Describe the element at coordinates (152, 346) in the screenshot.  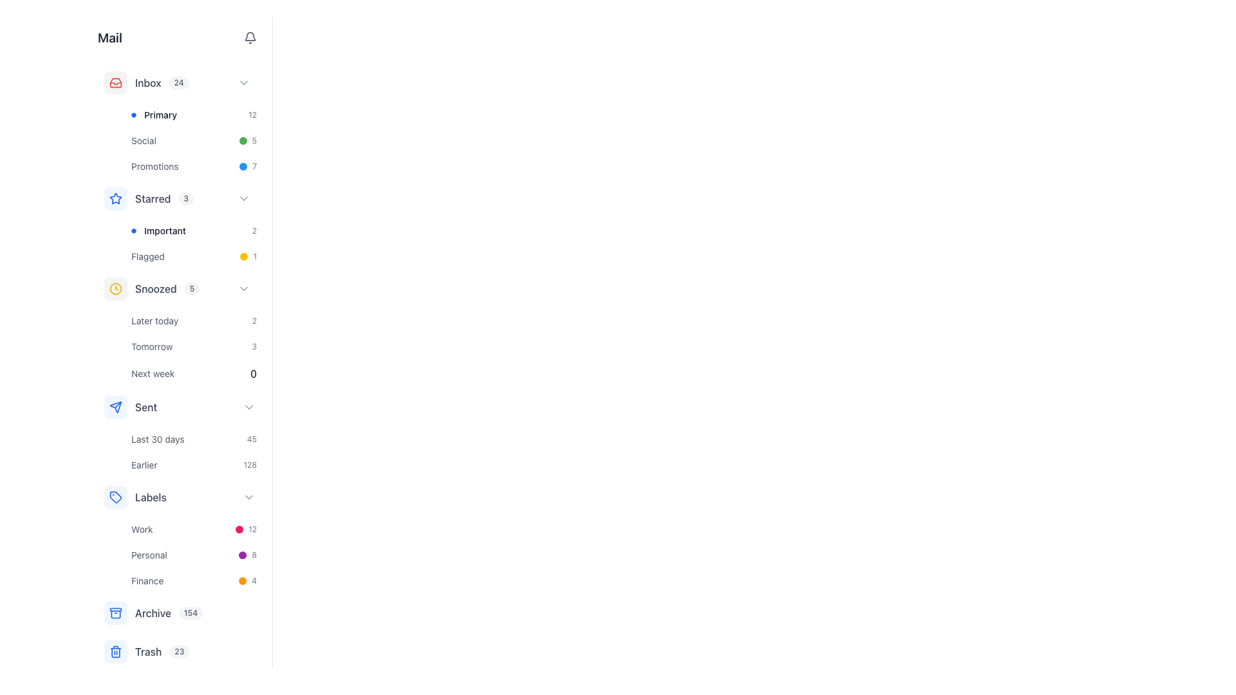
I see `the text label that indicates tasks or items scheduled for tomorrow within the snoozed items, positioned immediately after 'Later today' and before the item featuring the number '3.'` at that location.